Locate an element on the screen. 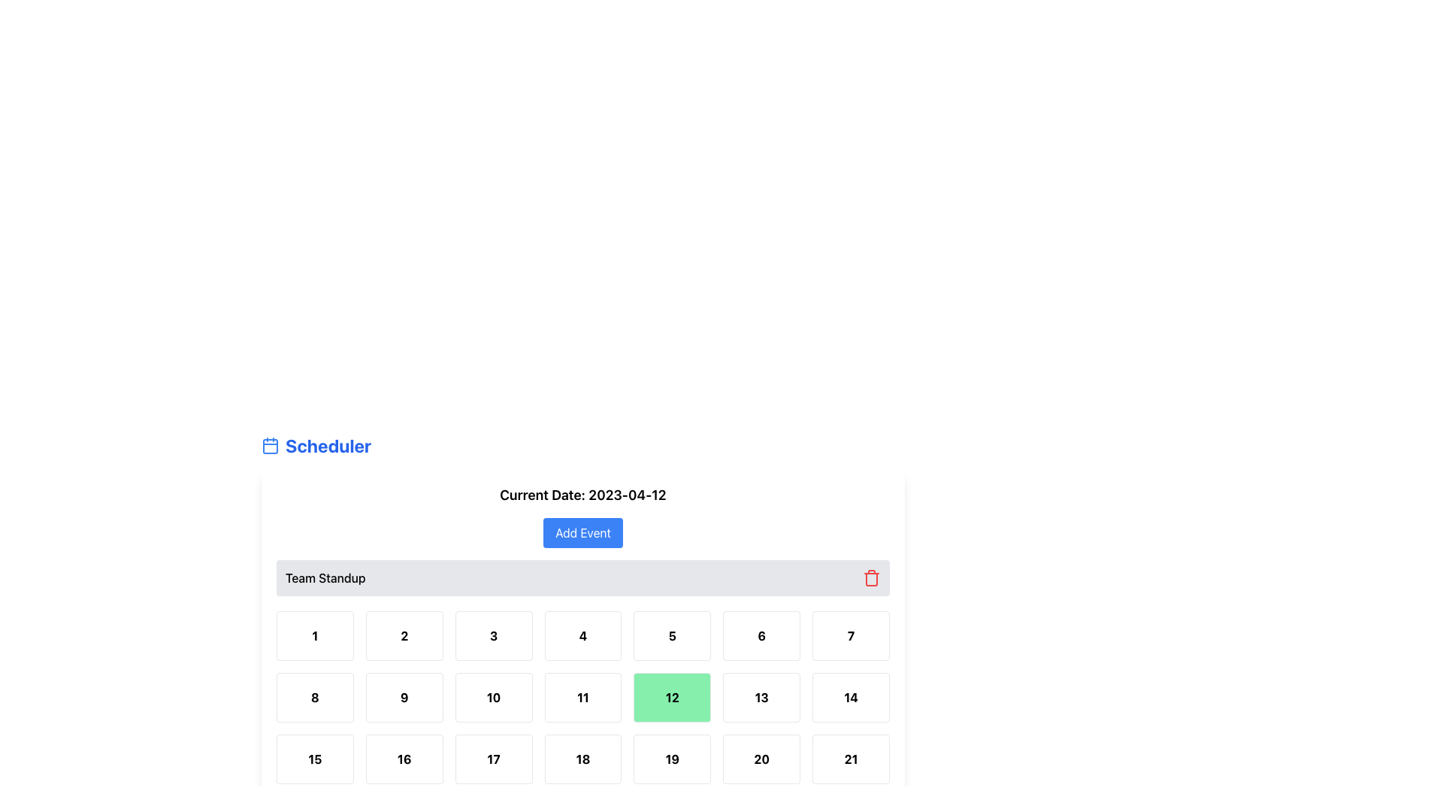  the green button labeled '12' located in the second row and fifth column of the grid is located at coordinates (671, 698).